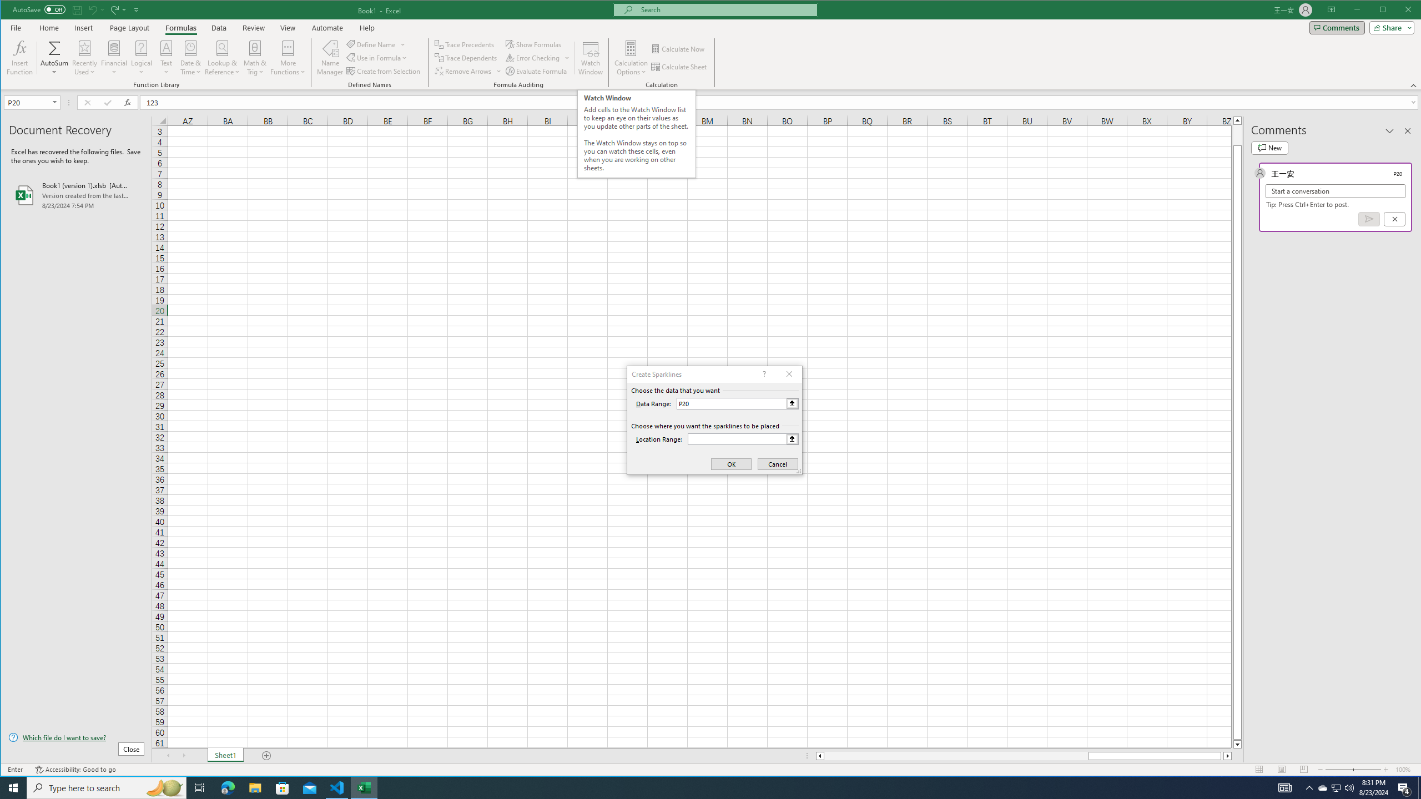 This screenshot has width=1421, height=799. Describe the element at coordinates (371, 44) in the screenshot. I see `'Define Name...'` at that location.